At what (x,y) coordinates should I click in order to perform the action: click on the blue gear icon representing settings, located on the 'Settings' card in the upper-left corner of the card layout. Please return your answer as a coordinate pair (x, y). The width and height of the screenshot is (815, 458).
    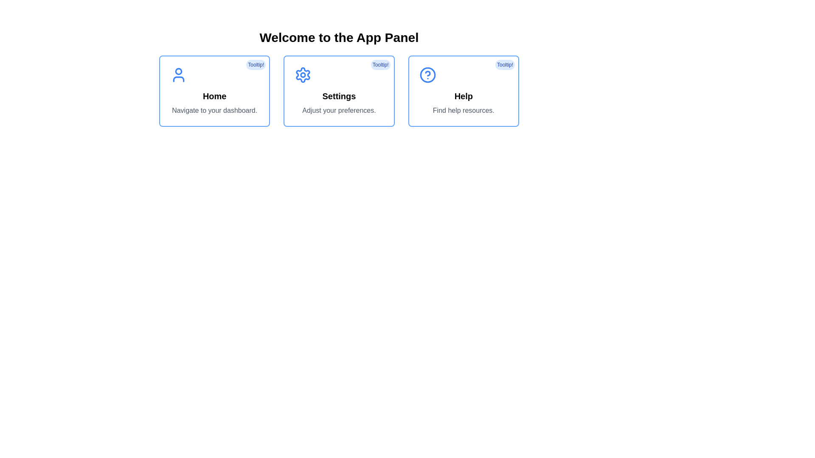
    Looking at the image, I should click on (338, 75).